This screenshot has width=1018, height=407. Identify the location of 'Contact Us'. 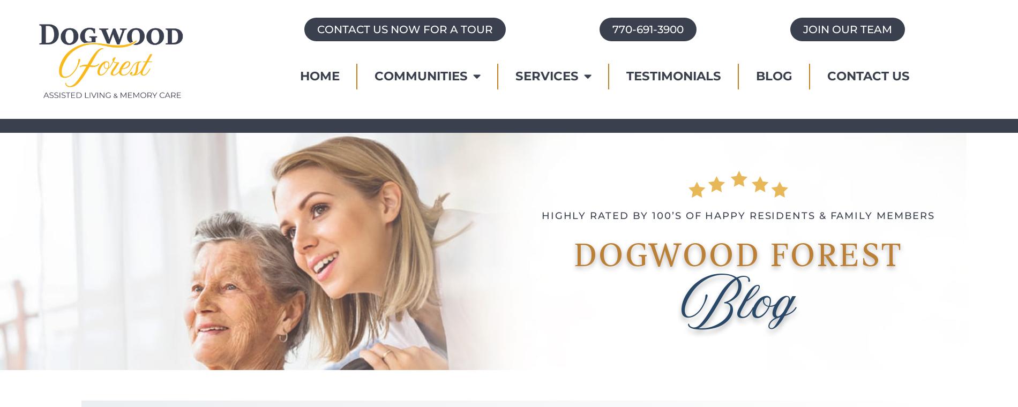
(867, 76).